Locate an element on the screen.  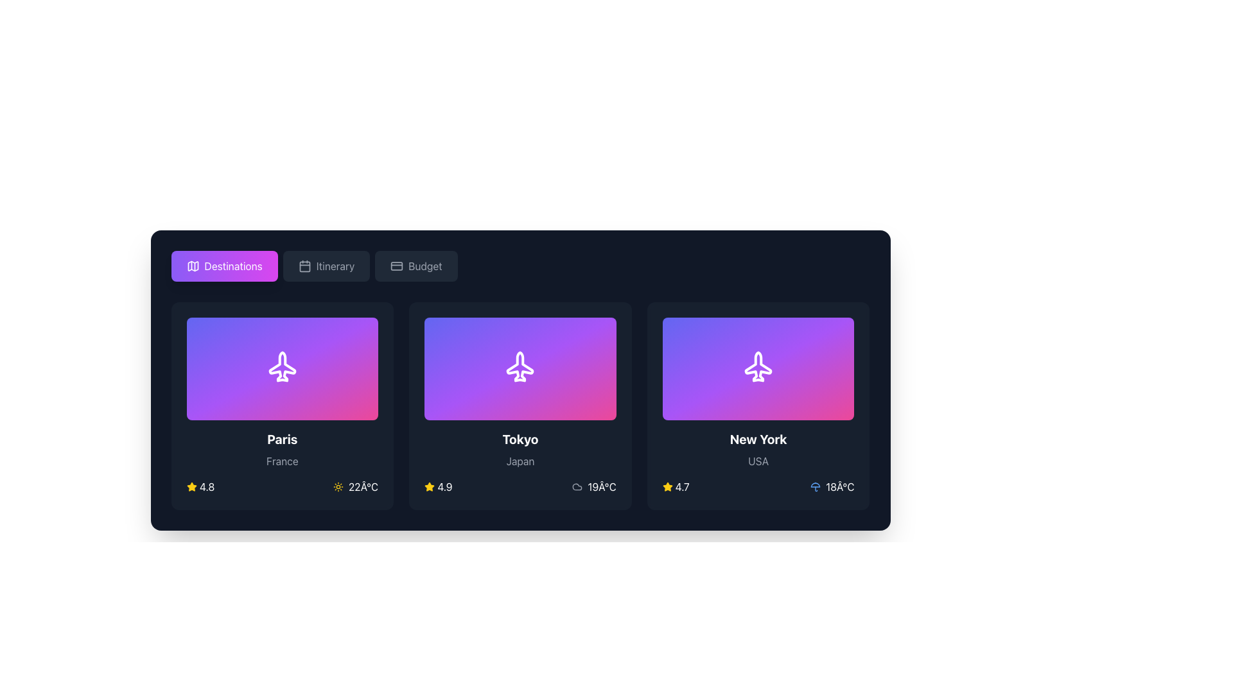
the Rating indicator located in the lower-left corner of the second card (Tokyo, Japan) from left to right, positioned just above the temperature indication (19°C) is located at coordinates (438, 487).